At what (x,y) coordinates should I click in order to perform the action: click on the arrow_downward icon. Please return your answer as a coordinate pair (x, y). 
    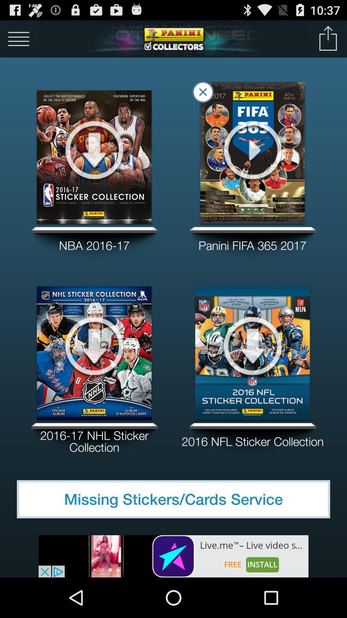
    Looking at the image, I should click on (94, 370).